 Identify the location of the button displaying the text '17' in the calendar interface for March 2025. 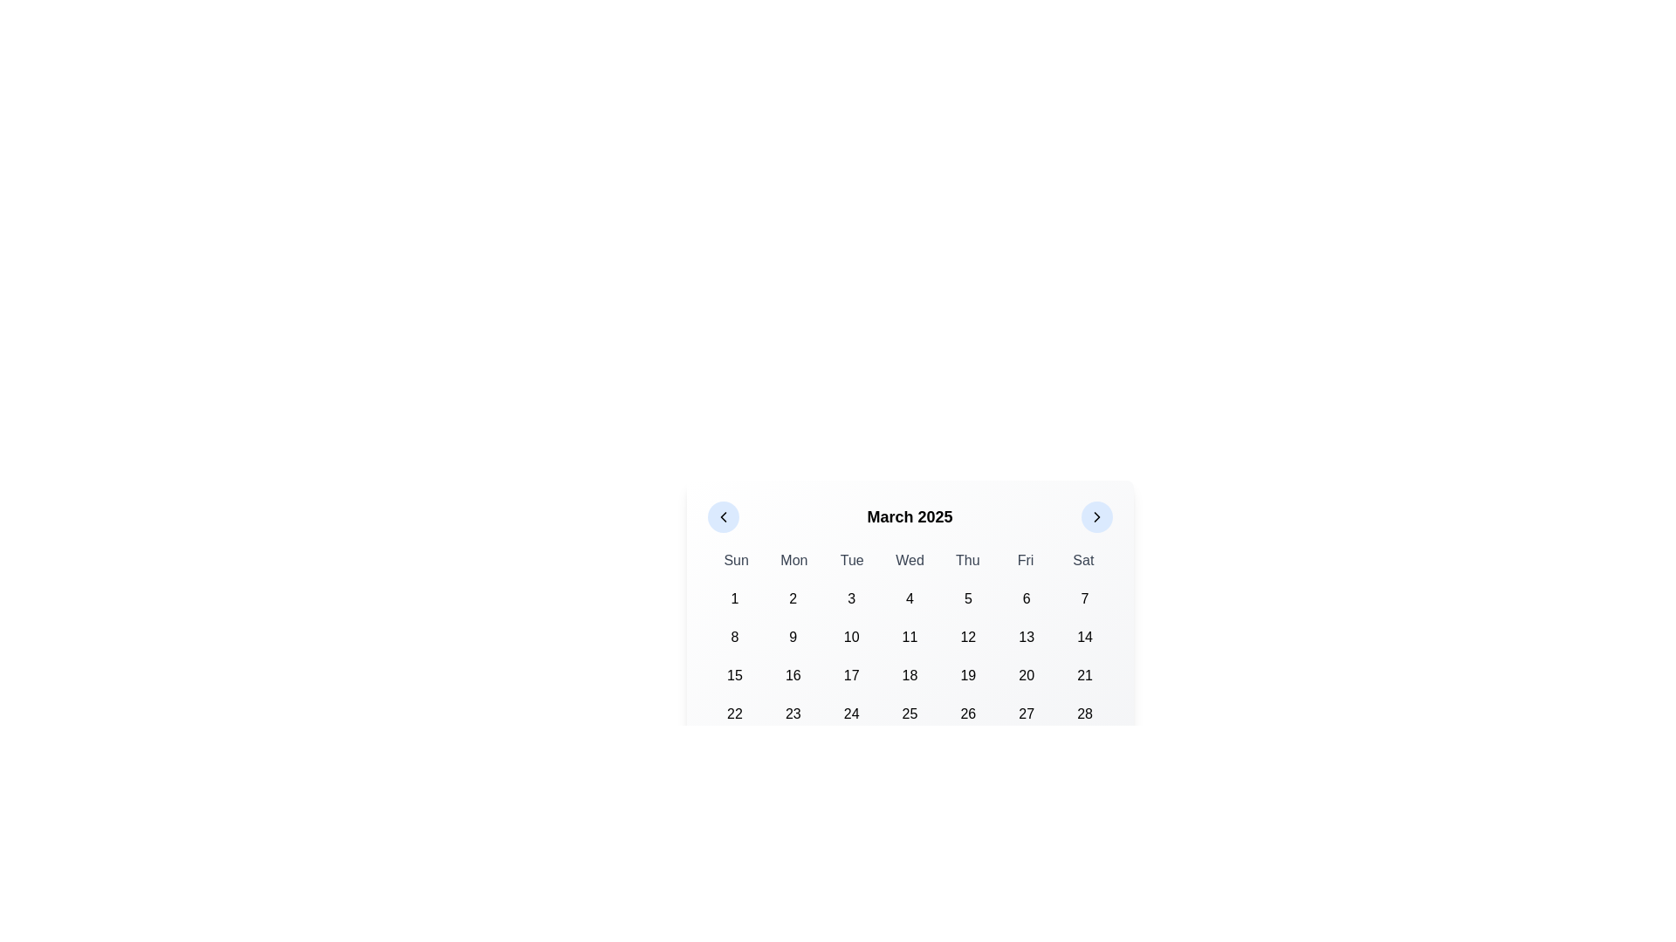
(851, 675).